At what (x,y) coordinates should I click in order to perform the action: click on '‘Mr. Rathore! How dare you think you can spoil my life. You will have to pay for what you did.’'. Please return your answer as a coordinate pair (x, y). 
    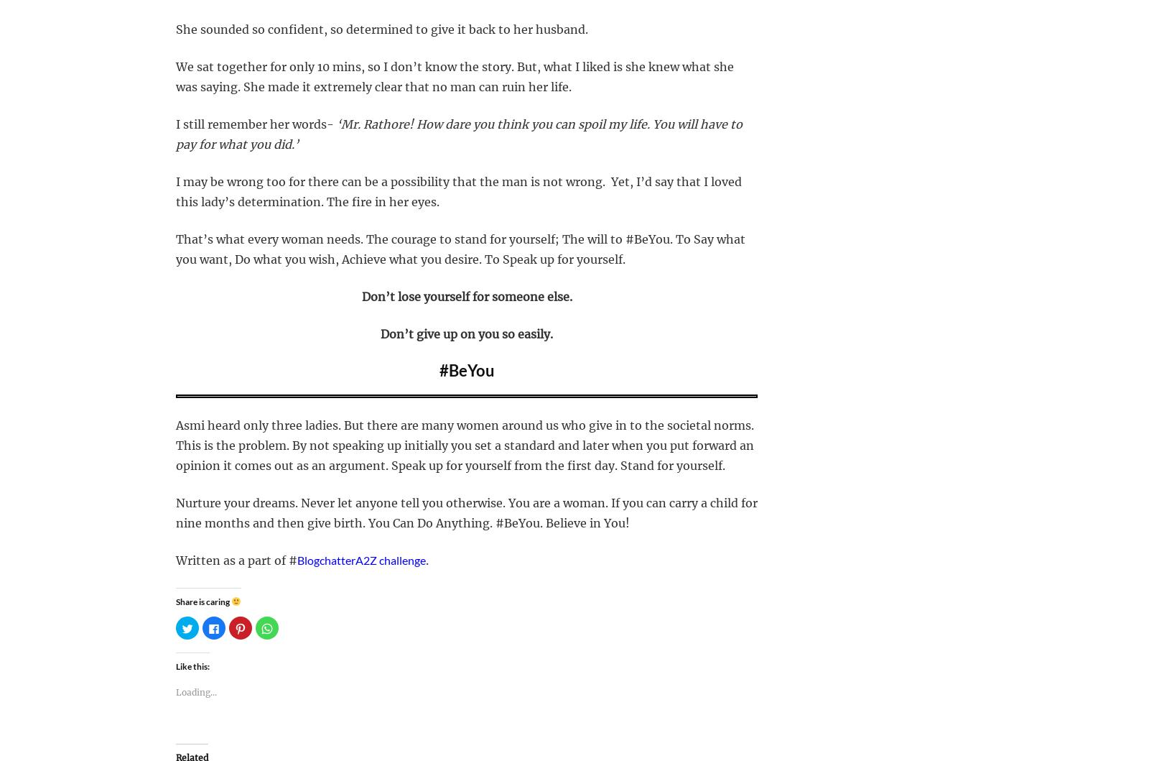
    Looking at the image, I should click on (459, 134).